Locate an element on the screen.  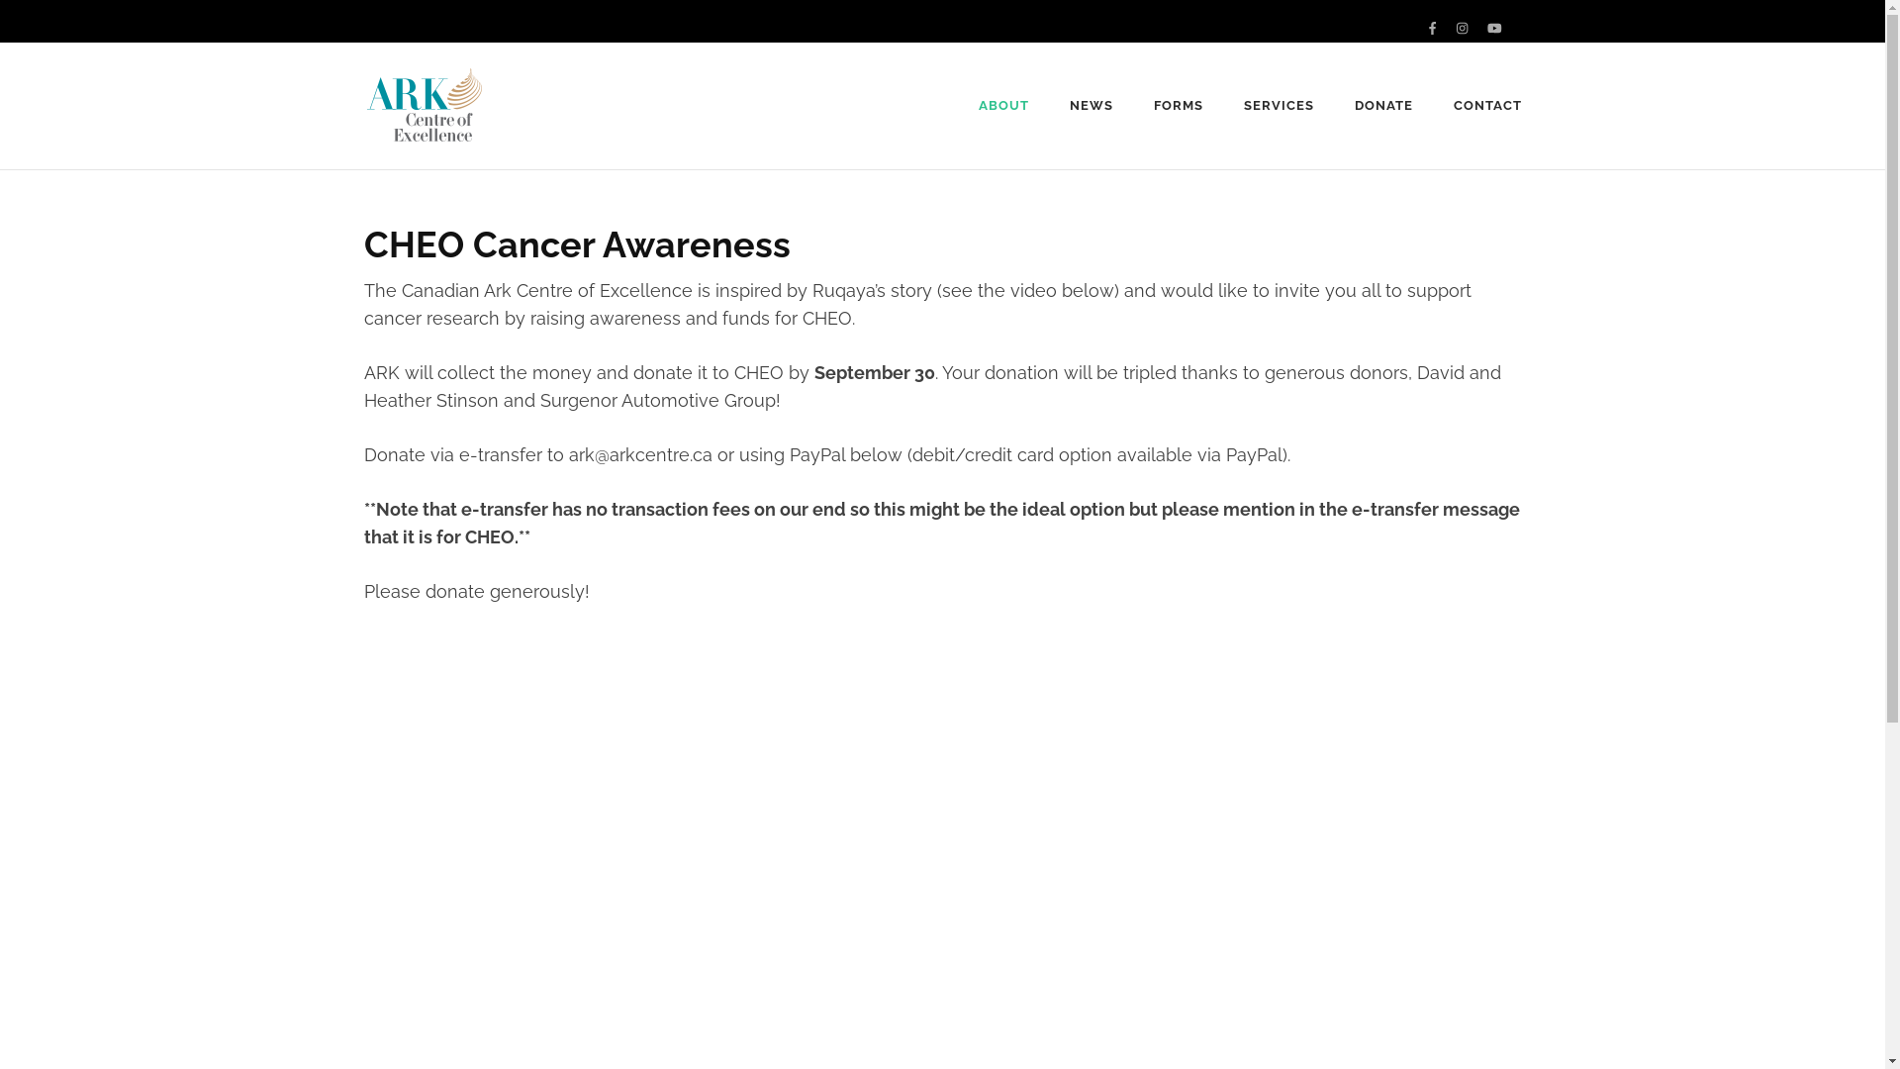
'FORMS' is located at coordinates (1178, 106).